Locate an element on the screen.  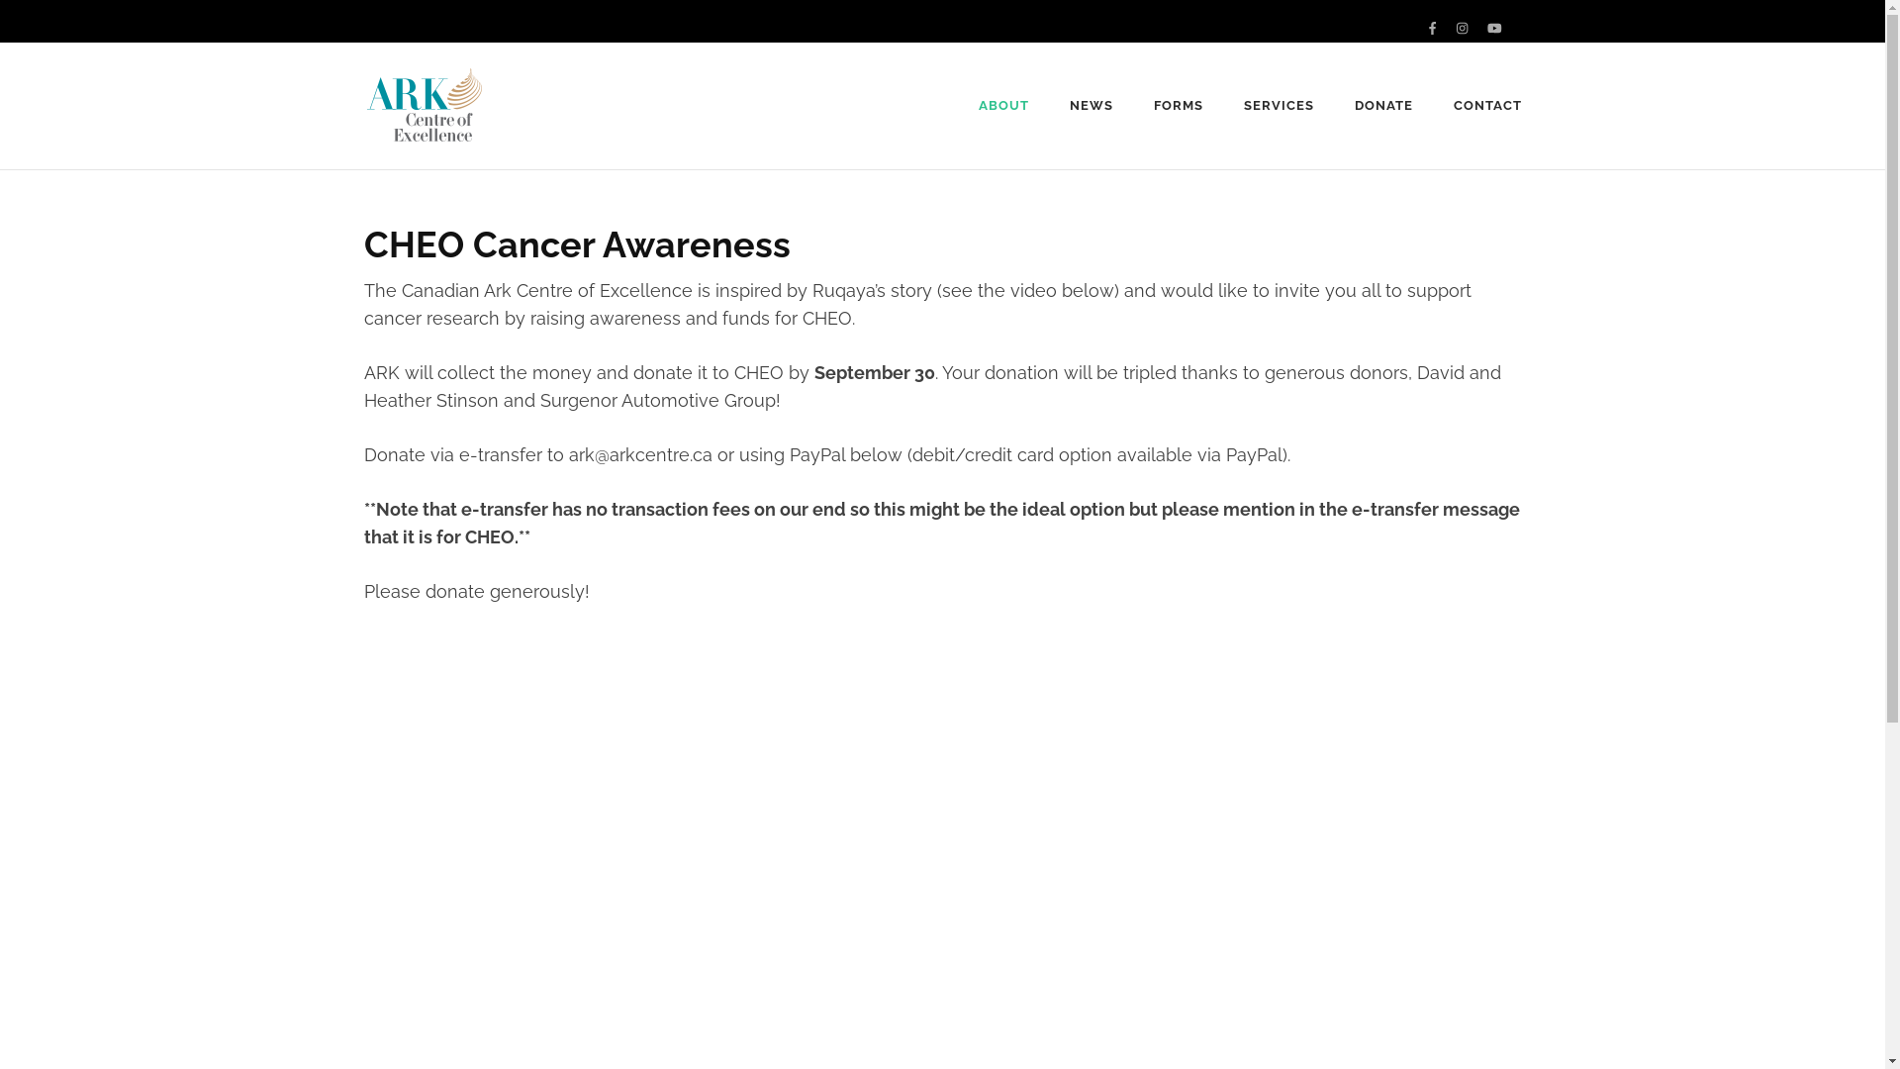
'FORMS' is located at coordinates (1178, 106).